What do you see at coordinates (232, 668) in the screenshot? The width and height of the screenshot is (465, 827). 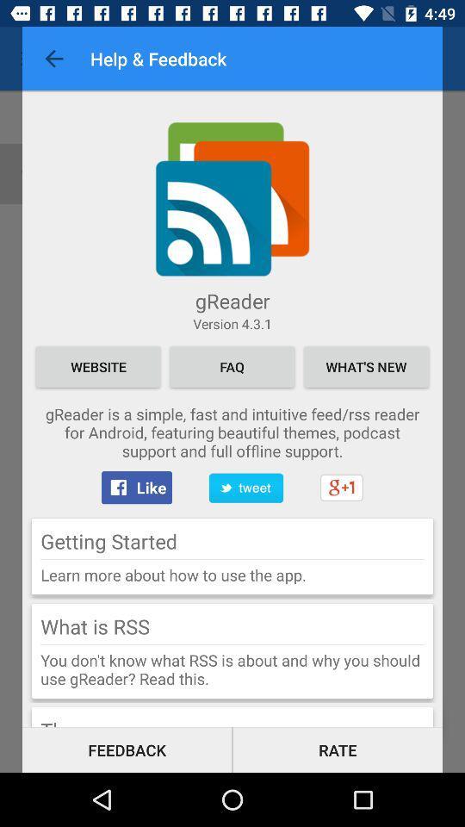 I see `you don t` at bounding box center [232, 668].